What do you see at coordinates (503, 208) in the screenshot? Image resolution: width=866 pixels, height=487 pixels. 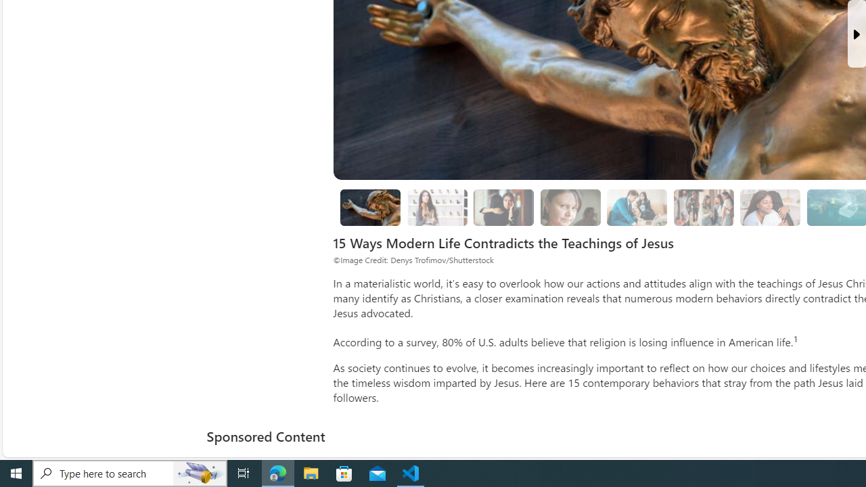 I see `'4. The Manipulative'` at bounding box center [503, 208].